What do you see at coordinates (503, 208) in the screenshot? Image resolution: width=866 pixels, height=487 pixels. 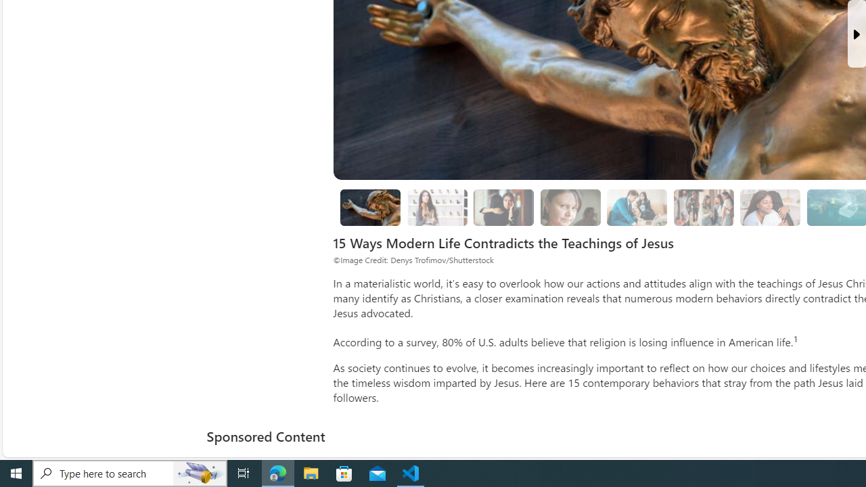 I see `'4. The Manipulative'` at bounding box center [503, 208].